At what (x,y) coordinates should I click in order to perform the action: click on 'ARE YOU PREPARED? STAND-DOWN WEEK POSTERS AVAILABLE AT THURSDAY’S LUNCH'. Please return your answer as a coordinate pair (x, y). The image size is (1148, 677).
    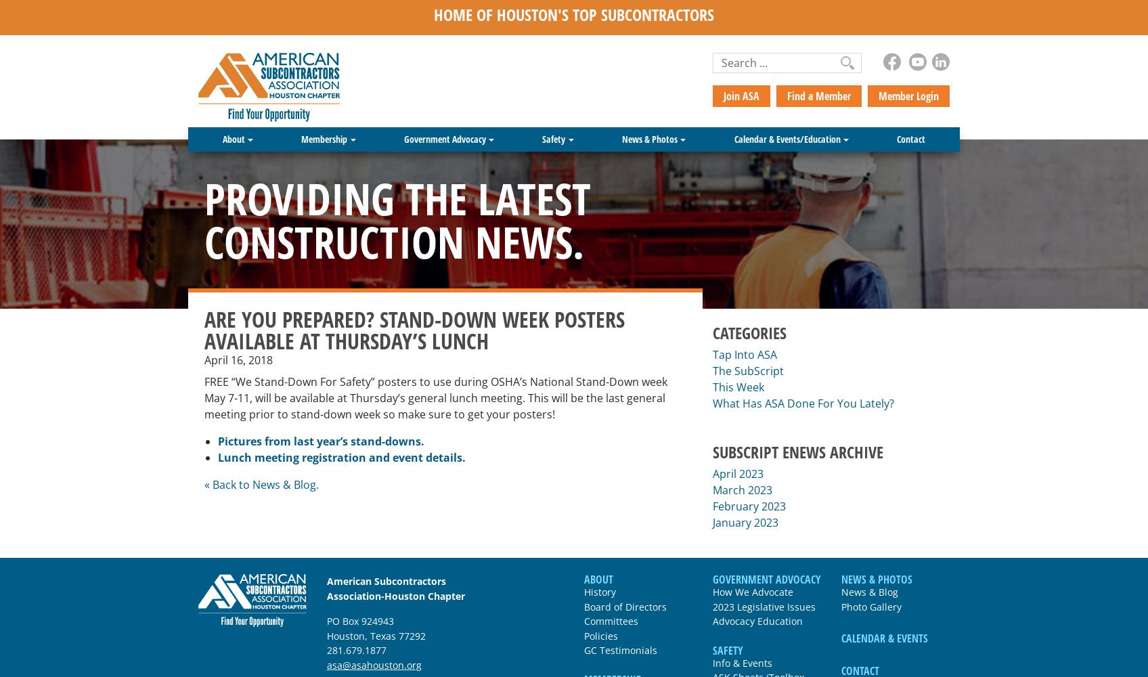
    Looking at the image, I should click on (414, 328).